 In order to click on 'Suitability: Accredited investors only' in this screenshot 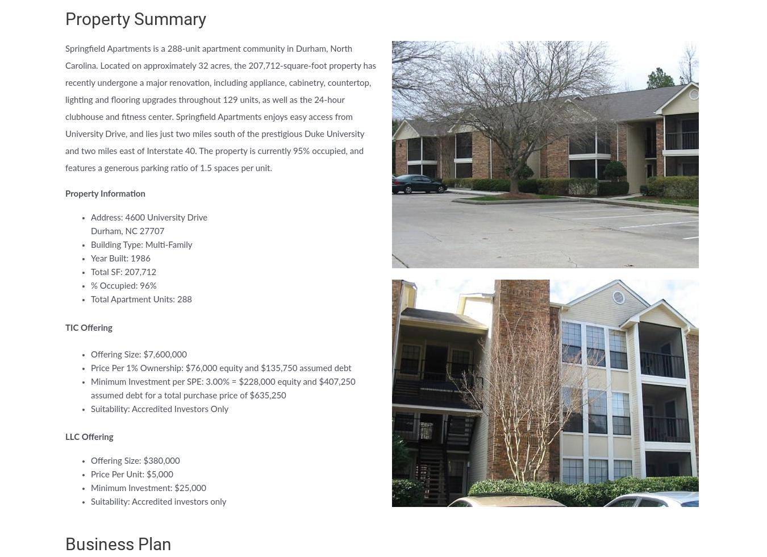, I will do `click(90, 502)`.